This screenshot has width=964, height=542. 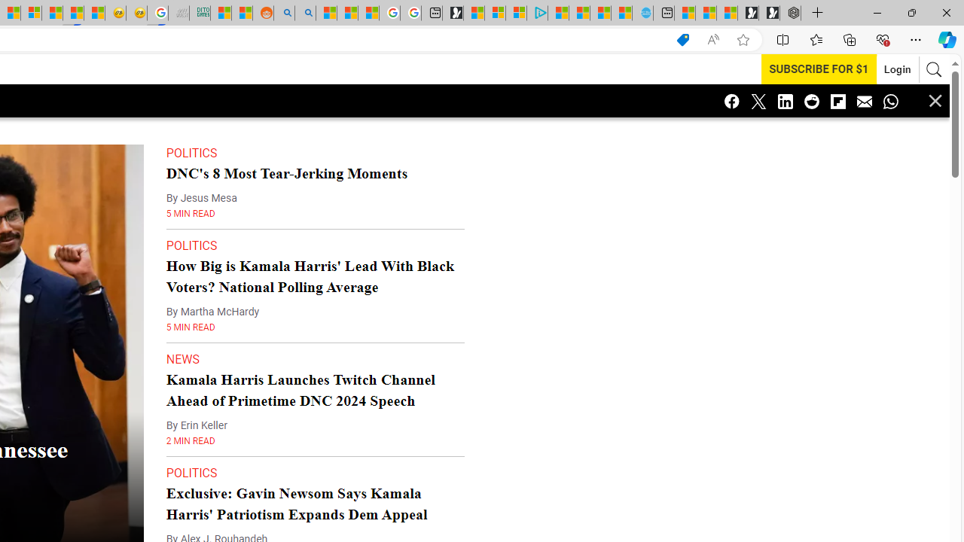 What do you see at coordinates (837, 100) in the screenshot?
I see `'Class: icon-flipboard'` at bounding box center [837, 100].